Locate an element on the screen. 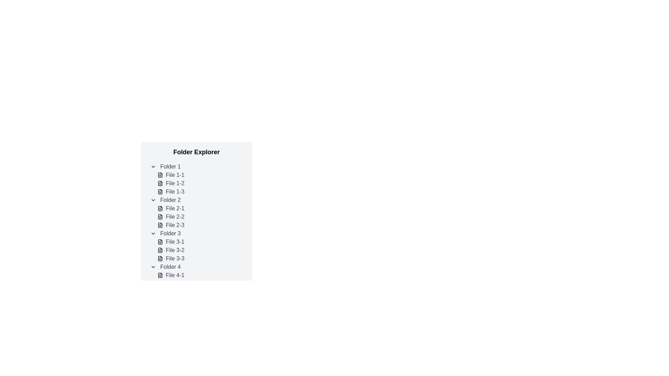 This screenshot has height=376, width=669. the icon representing 'File 1-2', which is the second item under 'Folder 1' is located at coordinates (160, 183).